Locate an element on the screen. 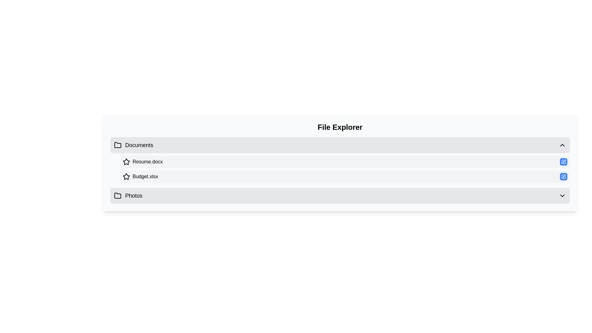  the 'Budget.xlsx' file entry, which is represented by a star-shaped icon followed by the text in a black, sans-serif font is located at coordinates (140, 177).